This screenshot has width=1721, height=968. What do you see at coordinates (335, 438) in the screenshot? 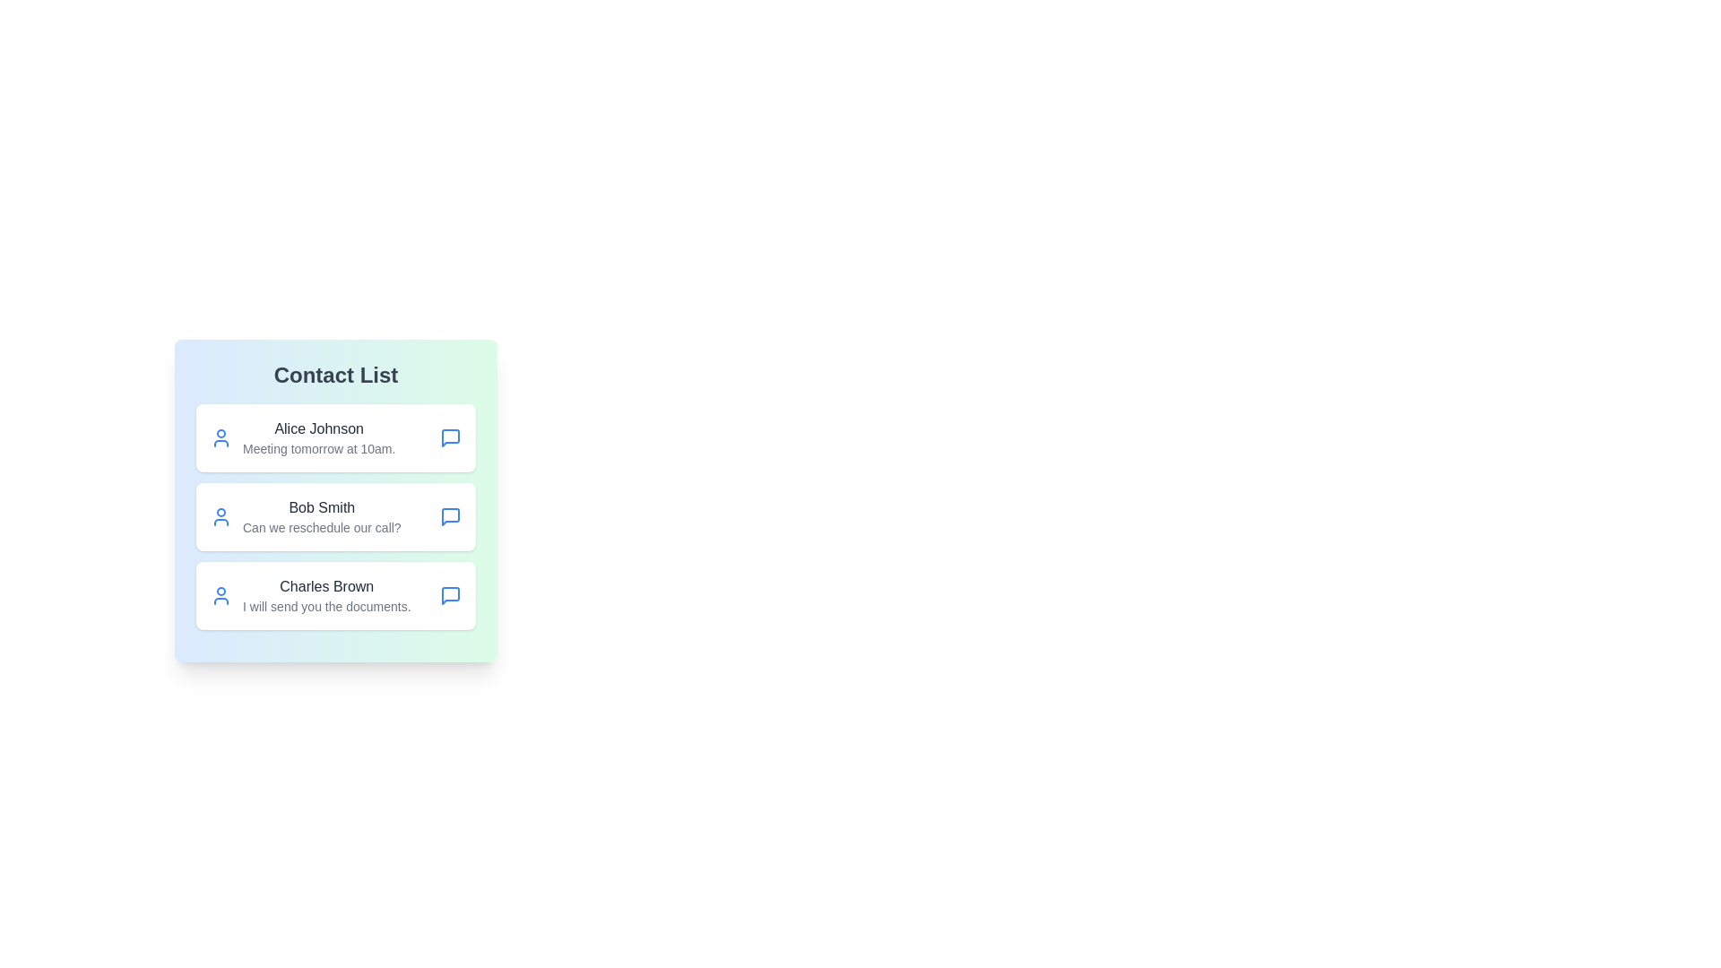
I see `the contact Alice Johnson to view hover effects` at bounding box center [335, 438].